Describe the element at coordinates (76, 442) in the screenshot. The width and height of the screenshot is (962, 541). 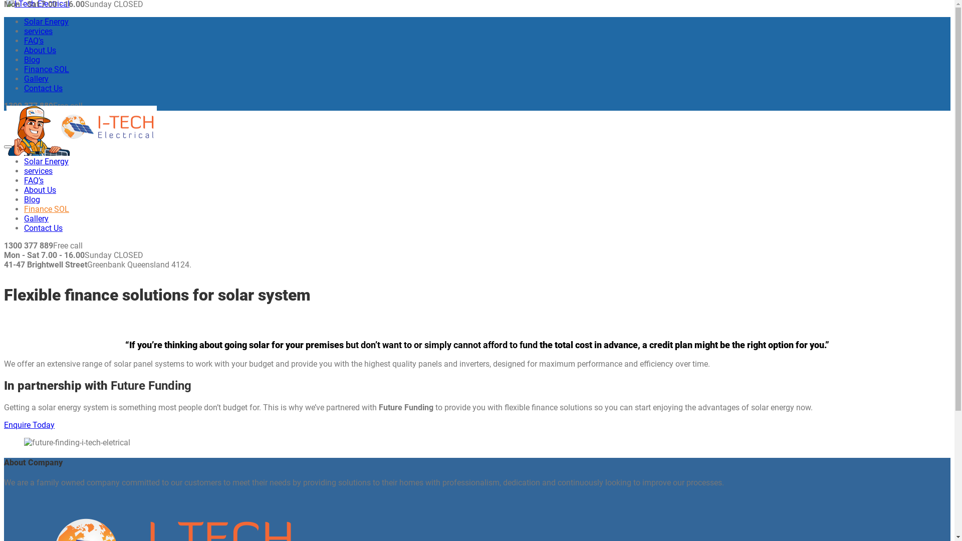
I see `'future-finding-i-tech-eletrical'` at that location.